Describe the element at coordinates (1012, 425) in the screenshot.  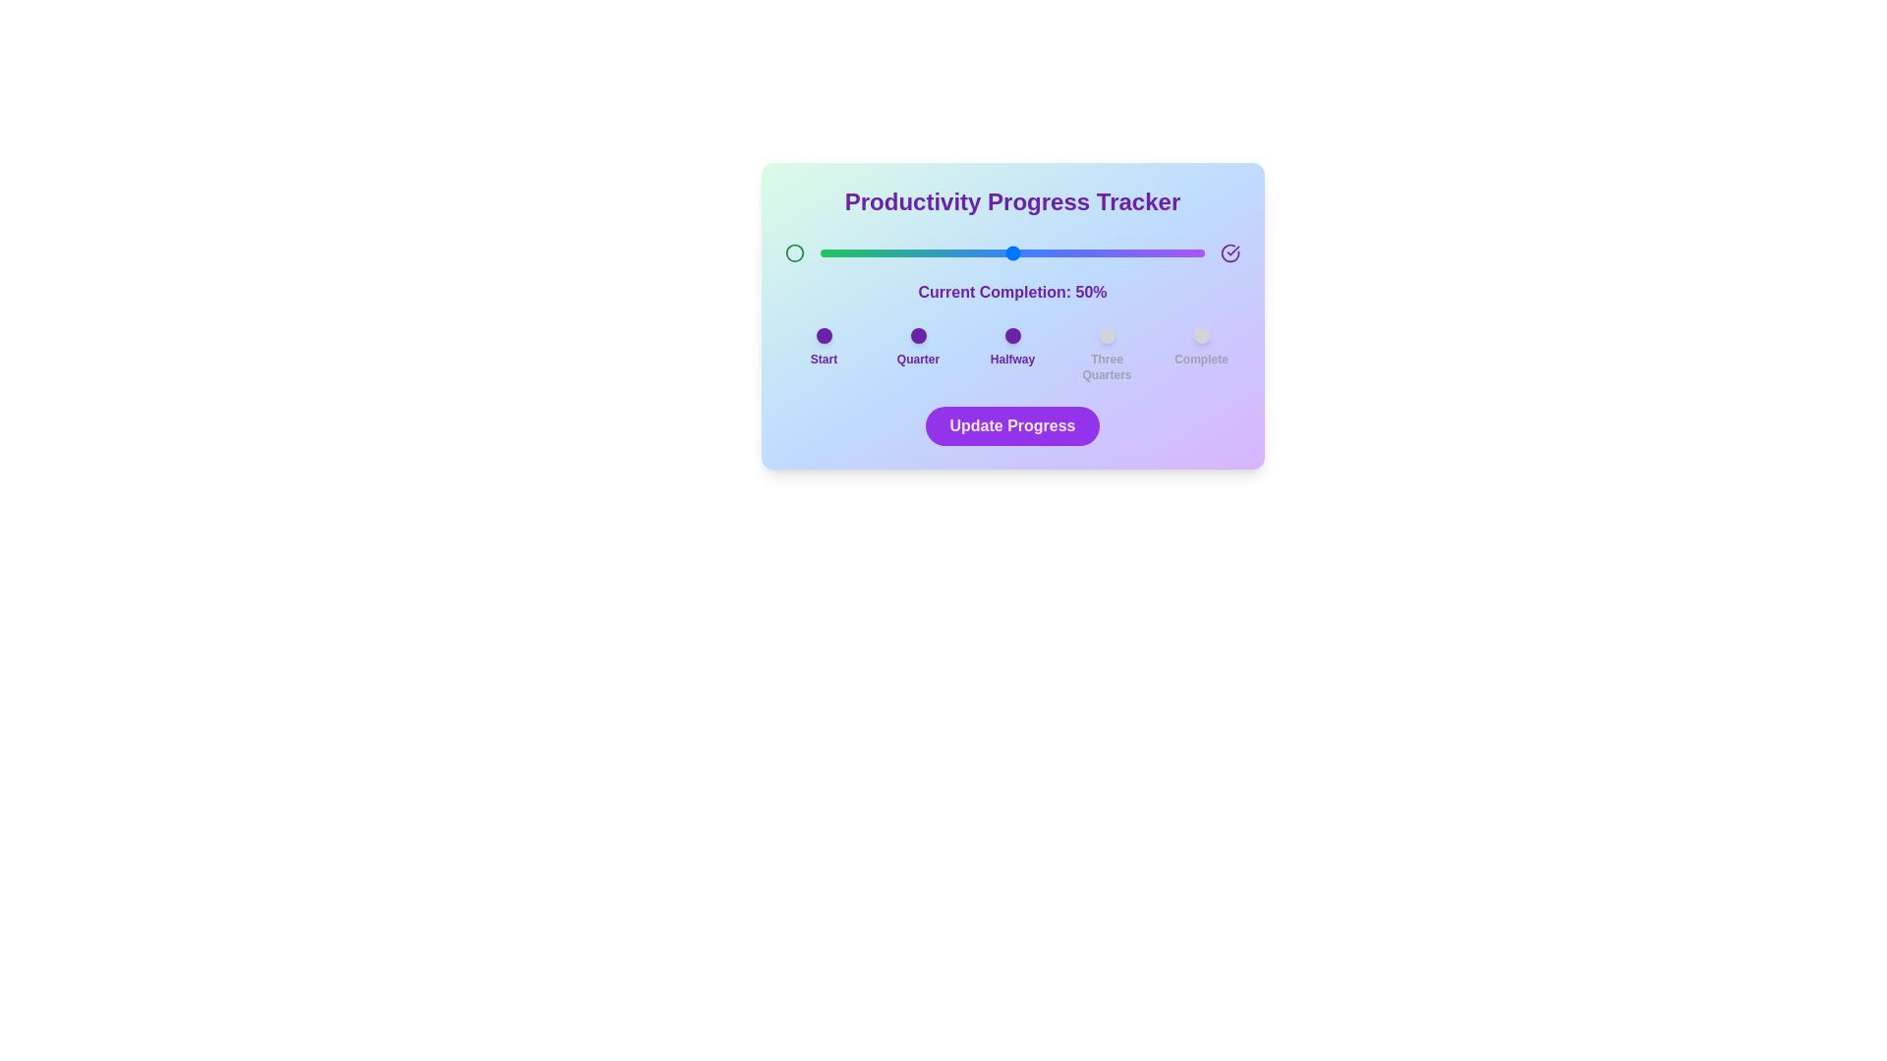
I see `'Update Progress' button to confirm the progress` at that location.